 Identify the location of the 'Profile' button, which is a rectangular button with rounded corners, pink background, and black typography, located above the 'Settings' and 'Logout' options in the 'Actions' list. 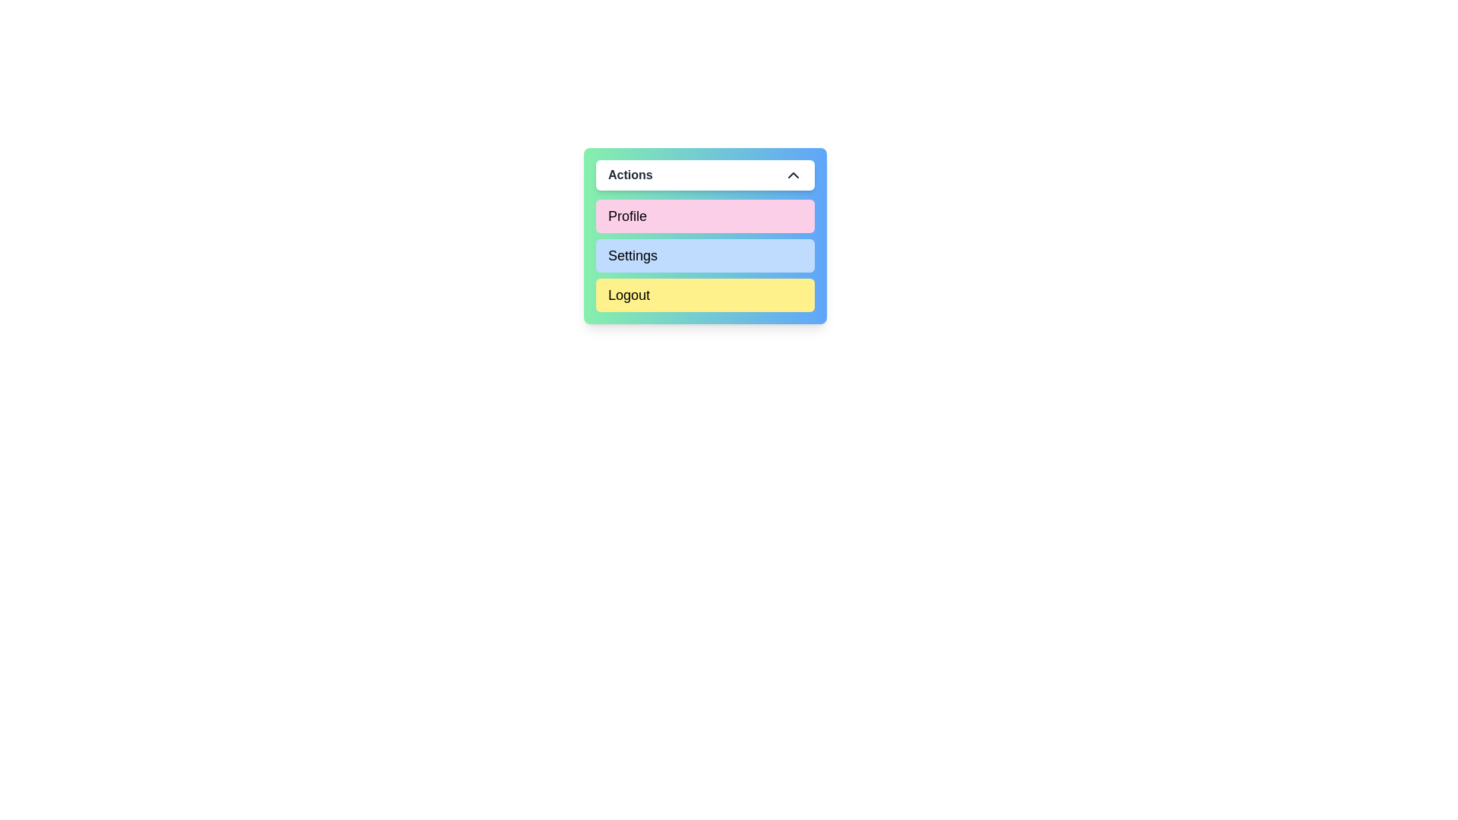
(705, 216).